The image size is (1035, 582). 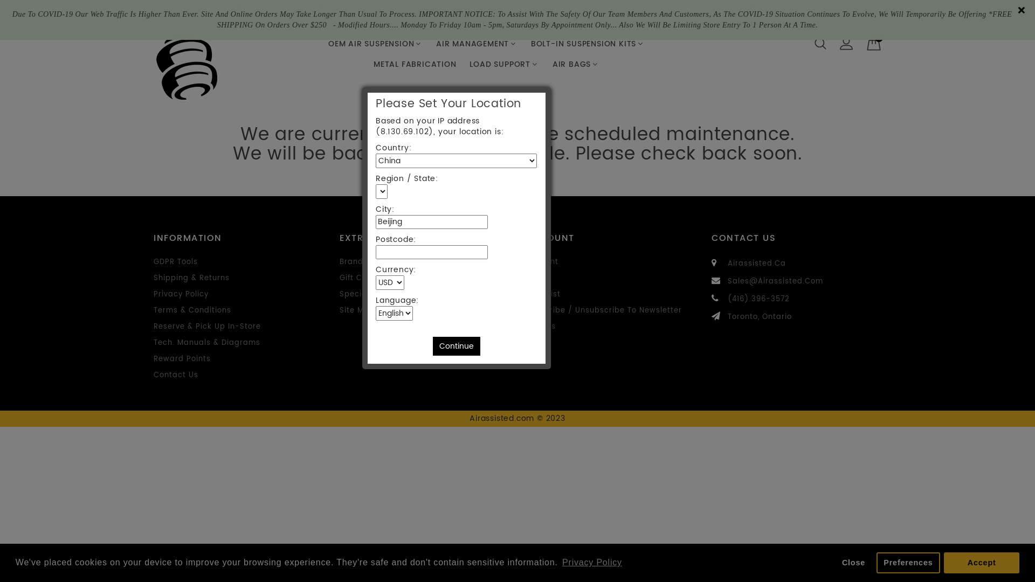 What do you see at coordinates (907, 562) in the screenshot?
I see `'Preferences'` at bounding box center [907, 562].